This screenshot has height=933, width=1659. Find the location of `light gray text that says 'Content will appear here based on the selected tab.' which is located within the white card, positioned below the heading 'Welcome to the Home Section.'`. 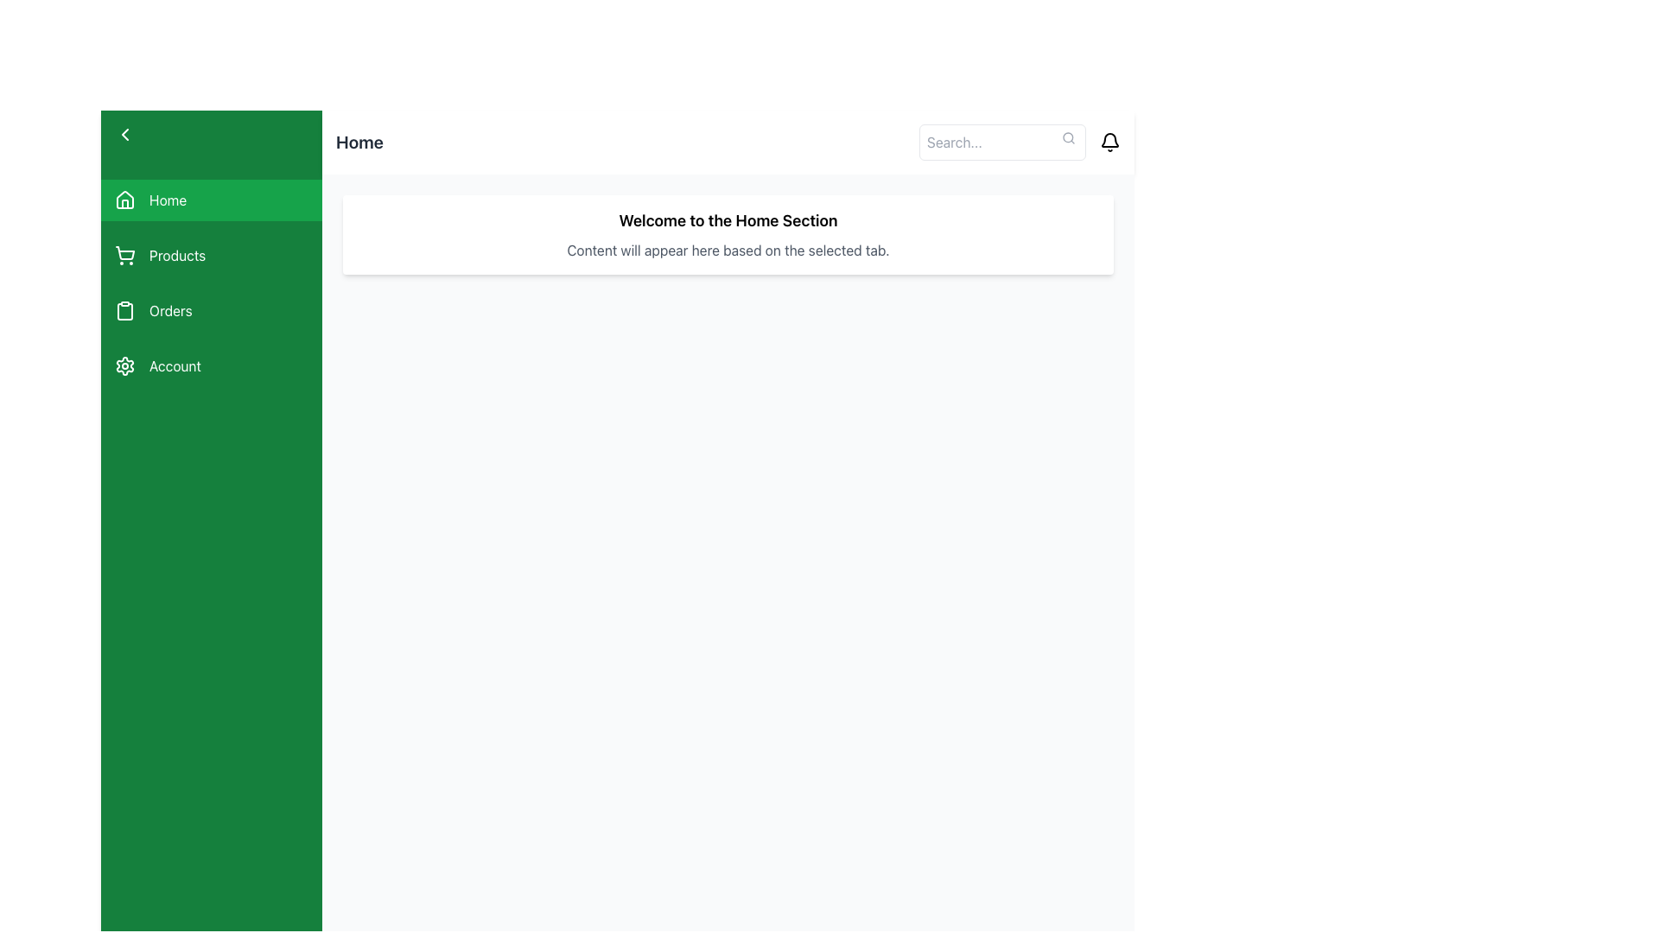

light gray text that says 'Content will appear here based on the selected tab.' which is located within the white card, positioned below the heading 'Welcome to the Home Section.' is located at coordinates (728, 250).